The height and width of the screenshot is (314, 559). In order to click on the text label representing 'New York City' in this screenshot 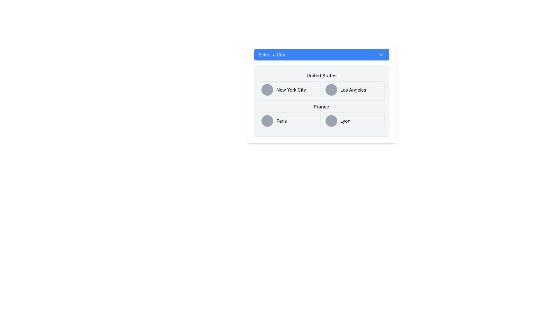, I will do `click(291, 90)`.